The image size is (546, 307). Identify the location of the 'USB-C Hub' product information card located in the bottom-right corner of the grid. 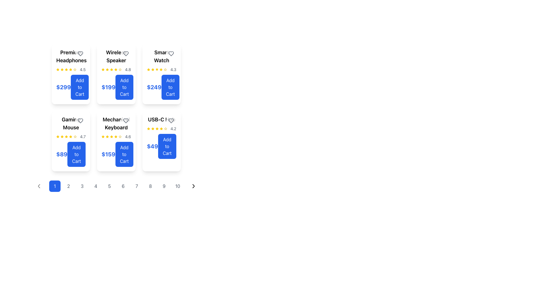
(161, 137).